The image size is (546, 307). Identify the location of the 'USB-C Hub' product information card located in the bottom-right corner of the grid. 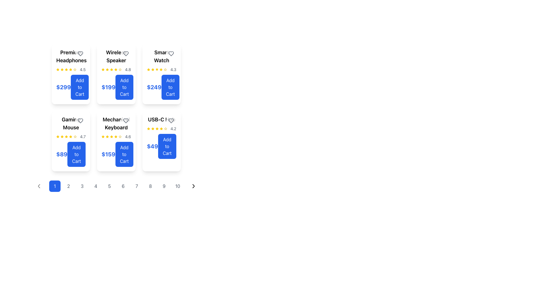
(161, 137).